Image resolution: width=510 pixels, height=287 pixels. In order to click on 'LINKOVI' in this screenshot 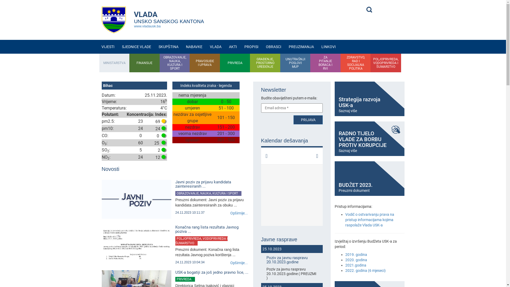, I will do `click(328, 47)`.